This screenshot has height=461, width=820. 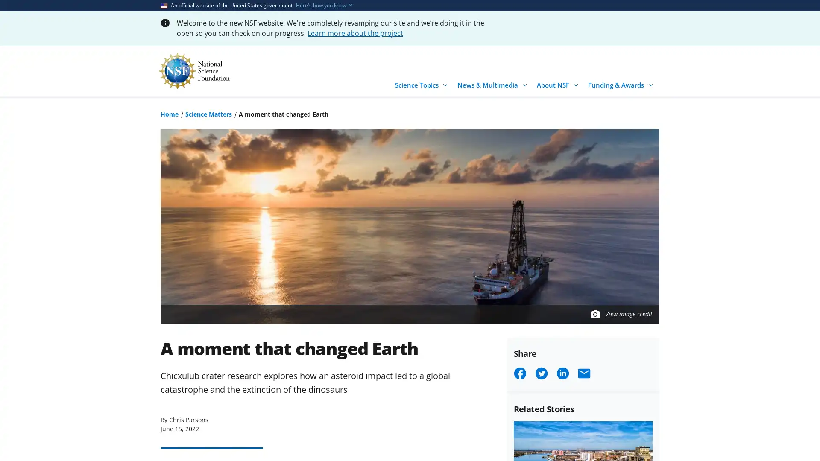 I want to click on Here's how you know, so click(x=321, y=5).